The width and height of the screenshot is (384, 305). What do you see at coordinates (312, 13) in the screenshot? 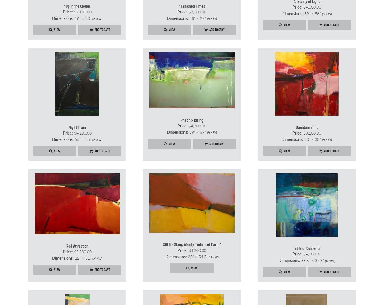
I see `'39" × 56"'` at bounding box center [312, 13].